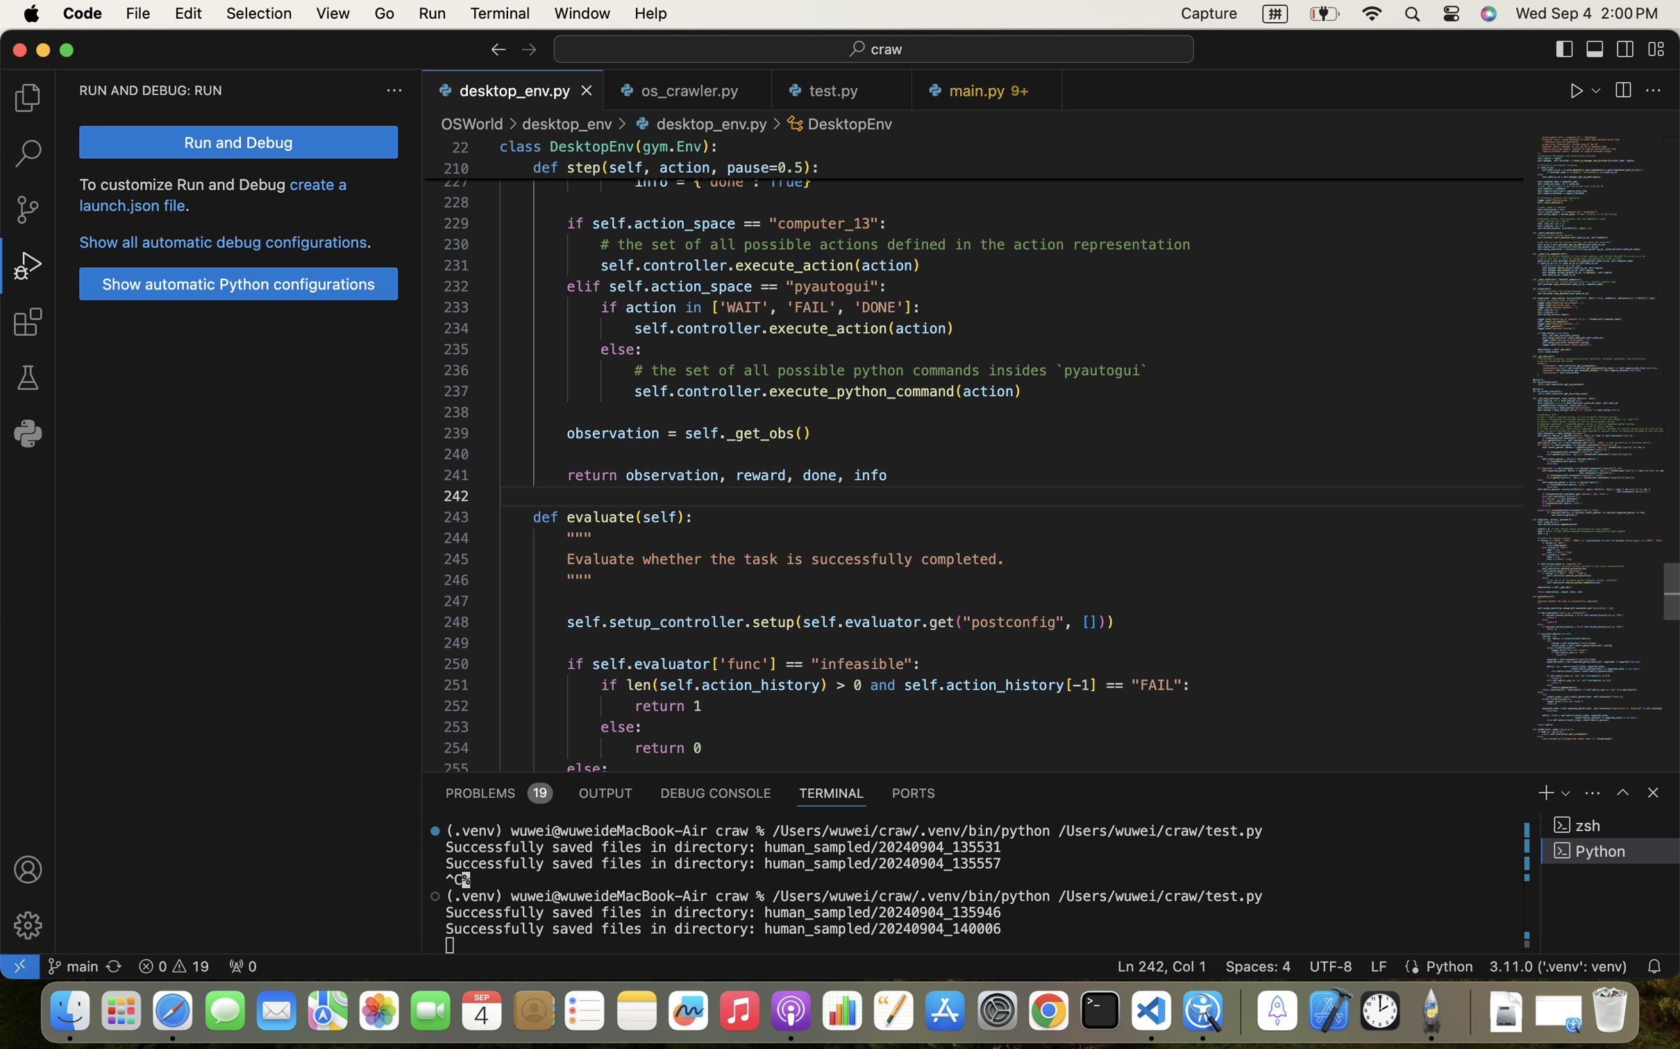  Describe the element at coordinates (1653, 90) in the screenshot. I see `''` at that location.